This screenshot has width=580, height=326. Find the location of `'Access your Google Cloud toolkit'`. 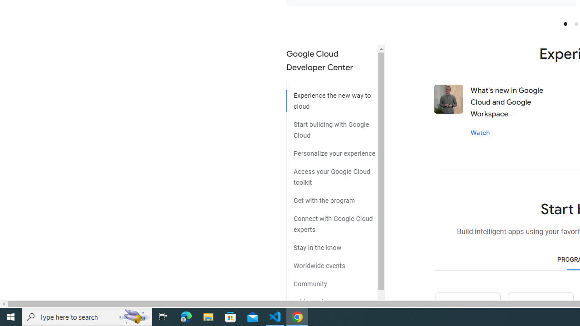

'Access your Google Cloud toolkit' is located at coordinates (331, 174).